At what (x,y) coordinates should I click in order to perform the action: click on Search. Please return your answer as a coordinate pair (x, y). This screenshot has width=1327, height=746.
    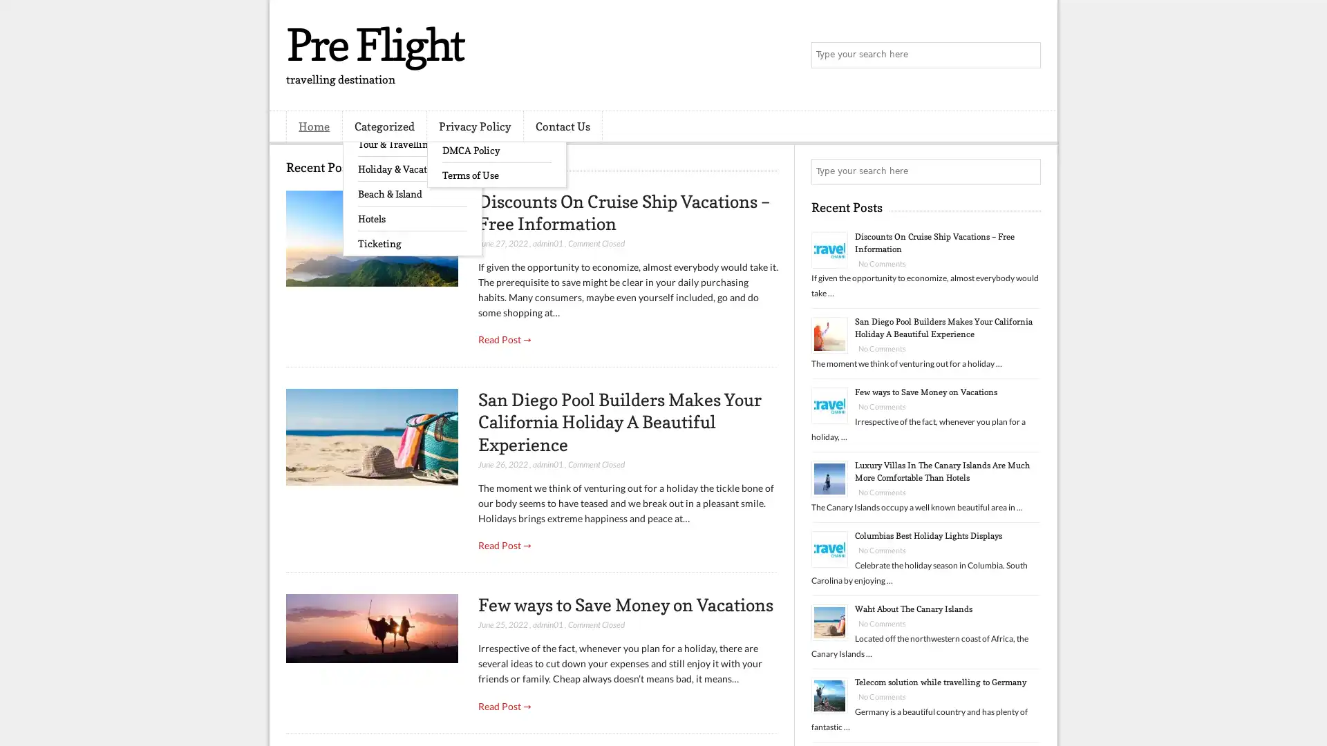
    Looking at the image, I should click on (1026, 55).